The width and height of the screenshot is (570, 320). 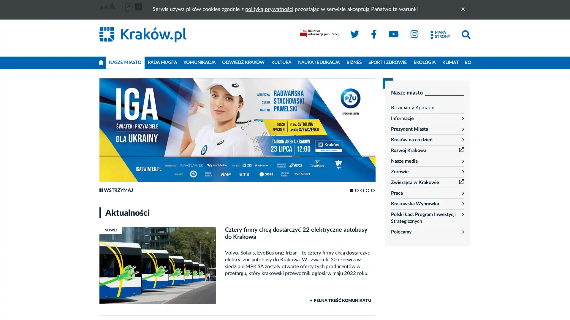 I want to click on Go to slide 1, so click(x=351, y=191).